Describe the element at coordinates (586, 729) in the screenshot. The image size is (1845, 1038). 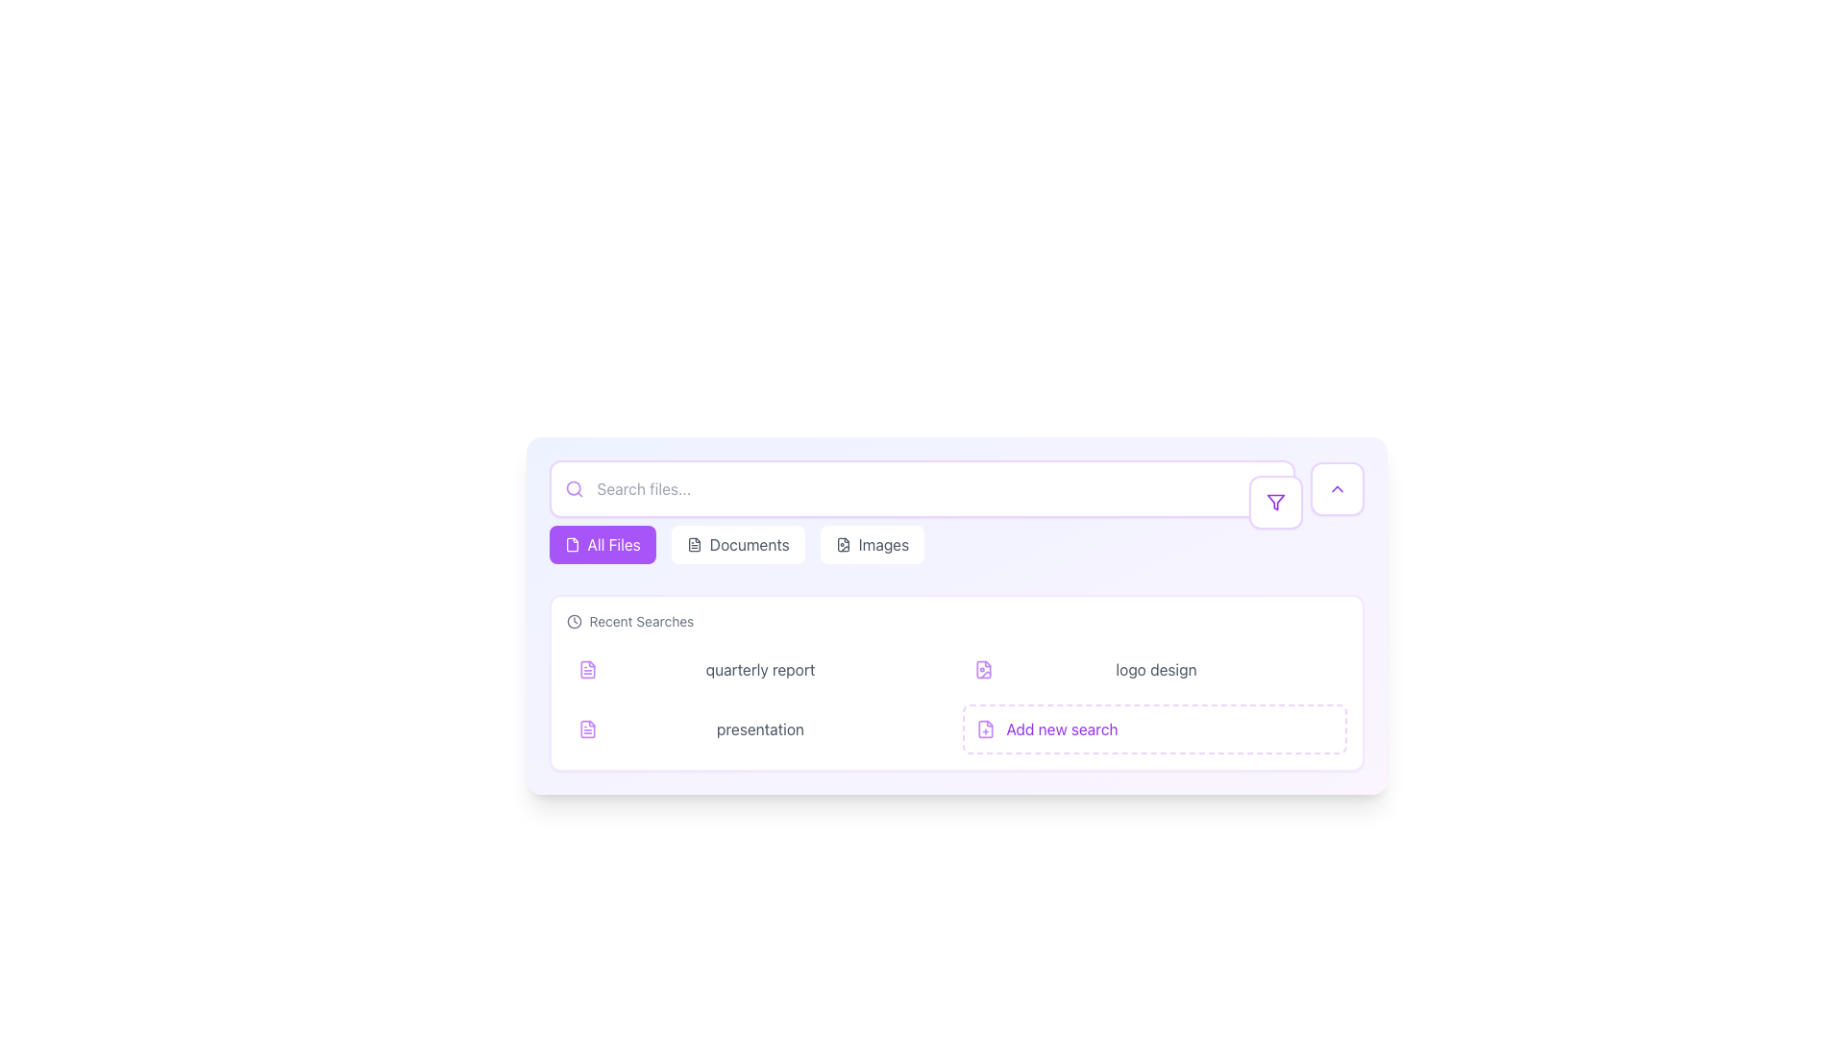
I see `the purple document icon with a folded corner, which is the largest shape in a group of vector paths and positioned near the left side of the second row in the recent searches list` at that location.